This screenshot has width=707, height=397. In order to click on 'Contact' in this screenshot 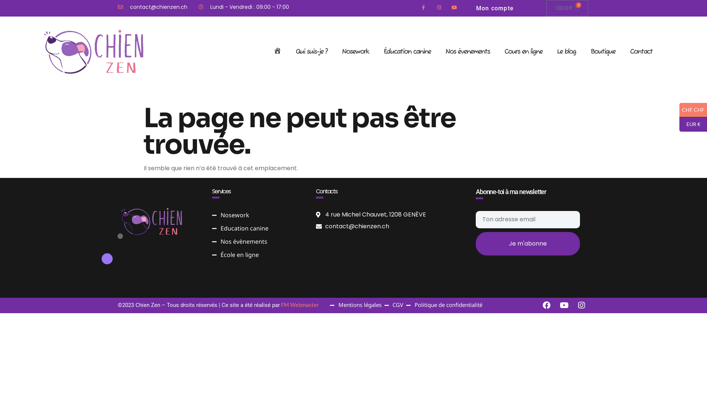, I will do `click(641, 51)`.